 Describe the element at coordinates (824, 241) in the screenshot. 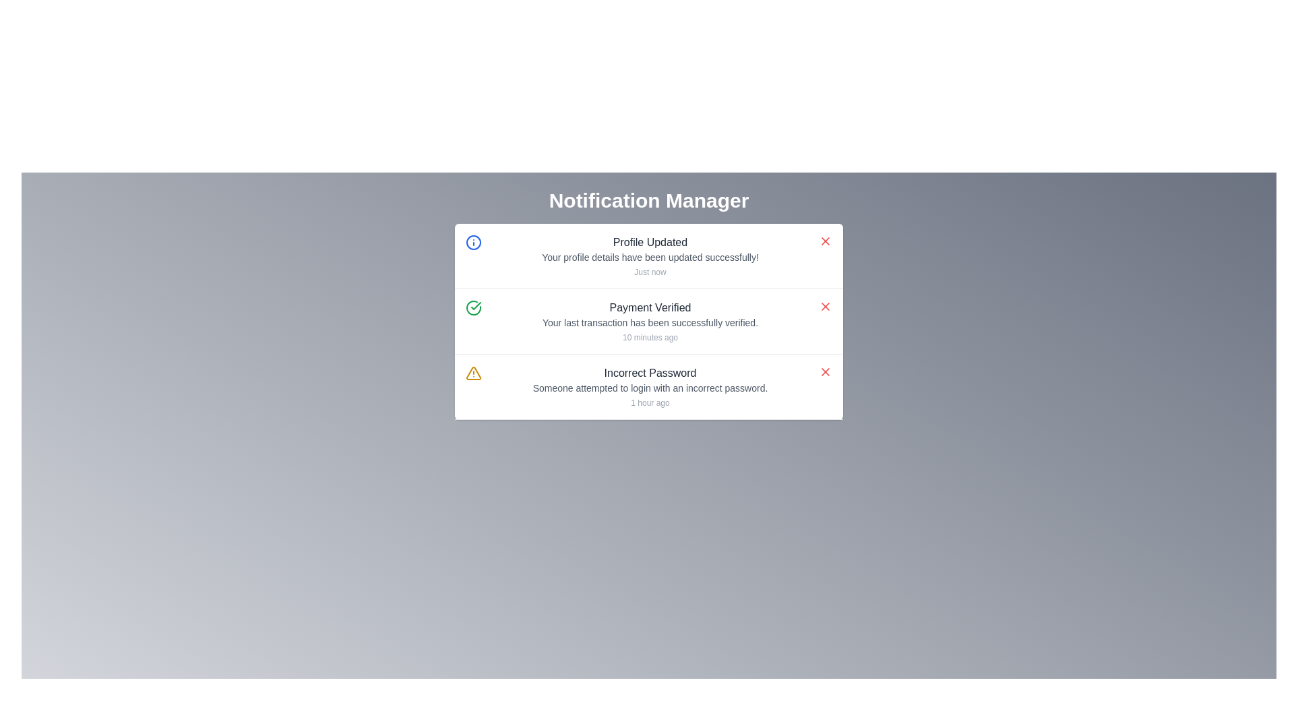

I see `the minimalistic red 'X' icon button located in the upper-right corner of the 'Profile Updated' notification card` at that location.